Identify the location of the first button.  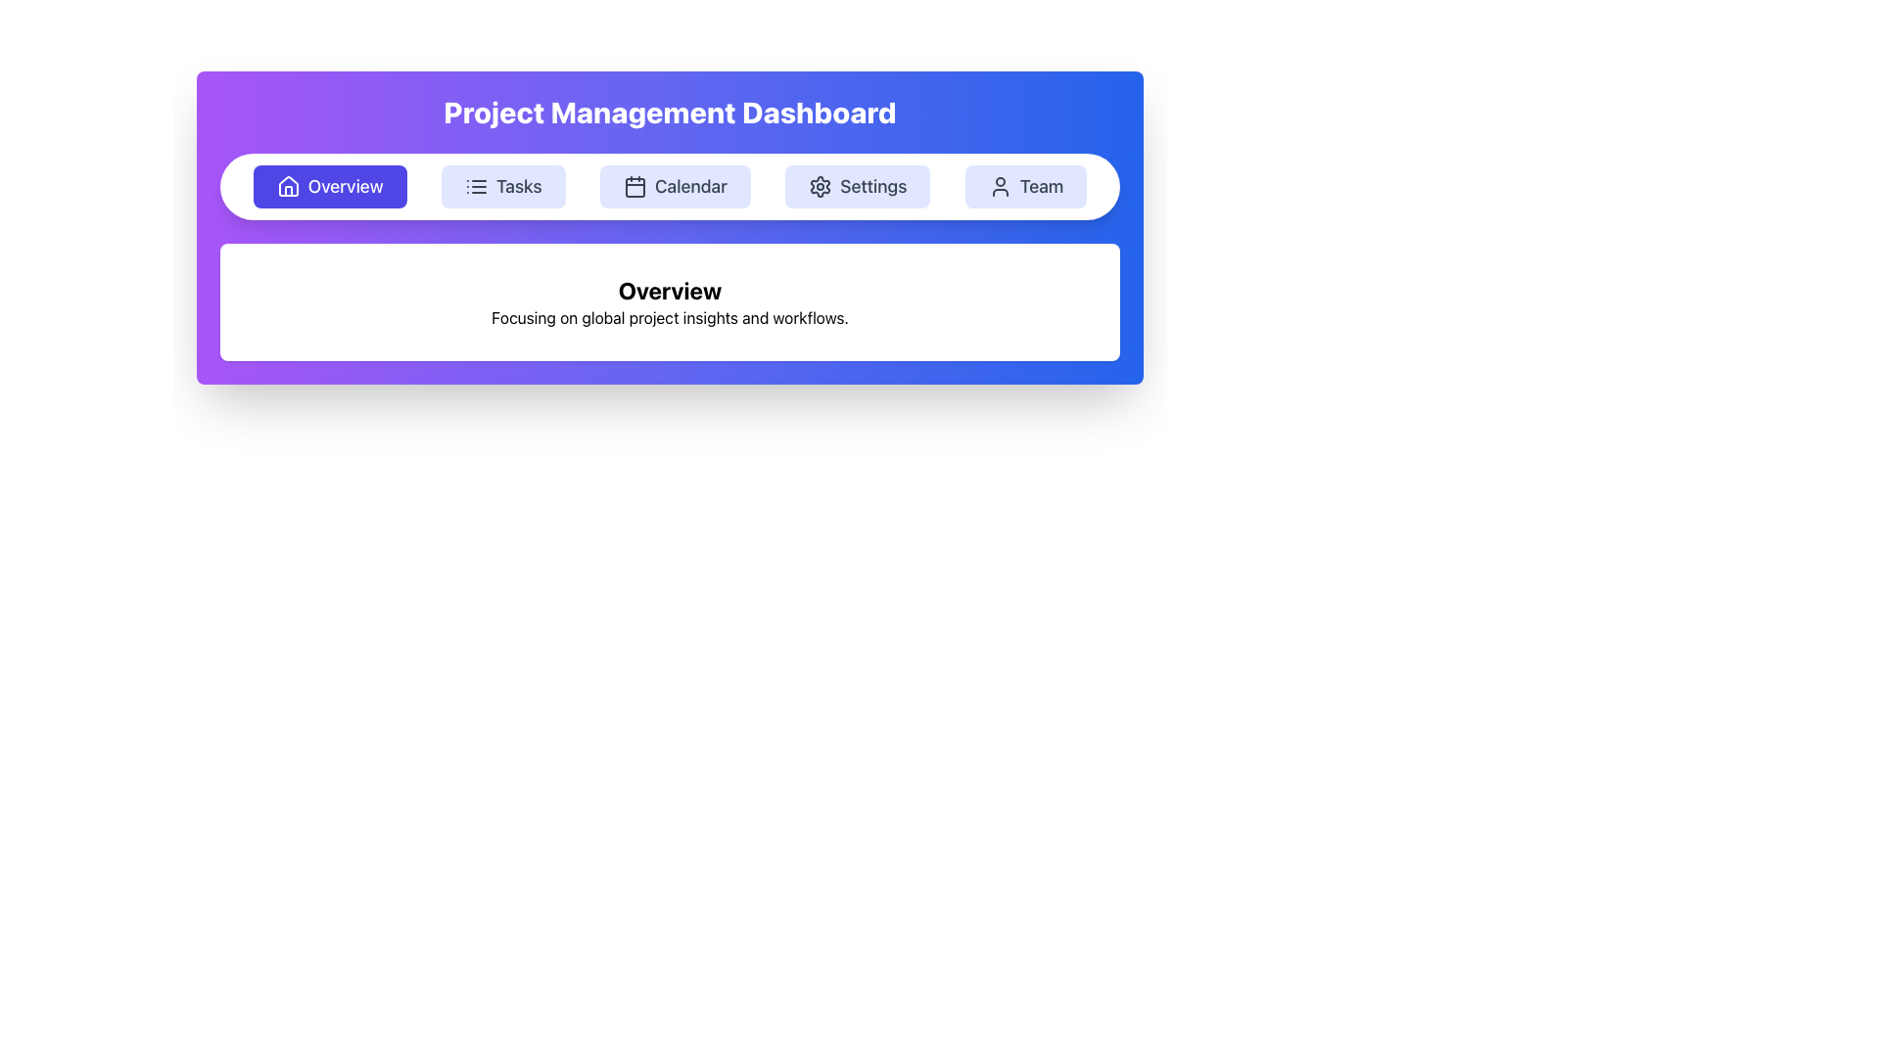
(329, 187).